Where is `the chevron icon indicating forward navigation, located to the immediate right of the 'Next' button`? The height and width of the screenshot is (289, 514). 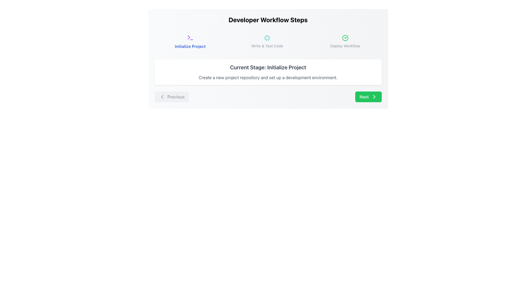
the chevron icon indicating forward navigation, located to the immediate right of the 'Next' button is located at coordinates (374, 97).